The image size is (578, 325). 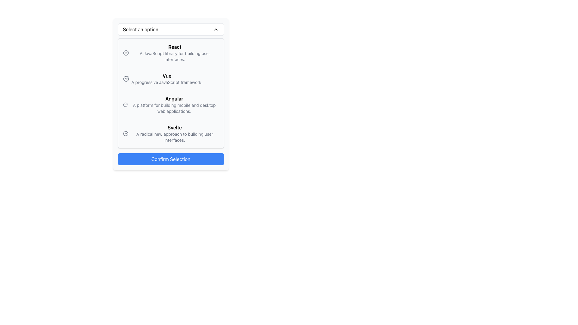 I want to click on the descriptive text label providing additional context for the 'Svelte' option, located directly below the bolded 'Svelte' text, so click(x=174, y=137).